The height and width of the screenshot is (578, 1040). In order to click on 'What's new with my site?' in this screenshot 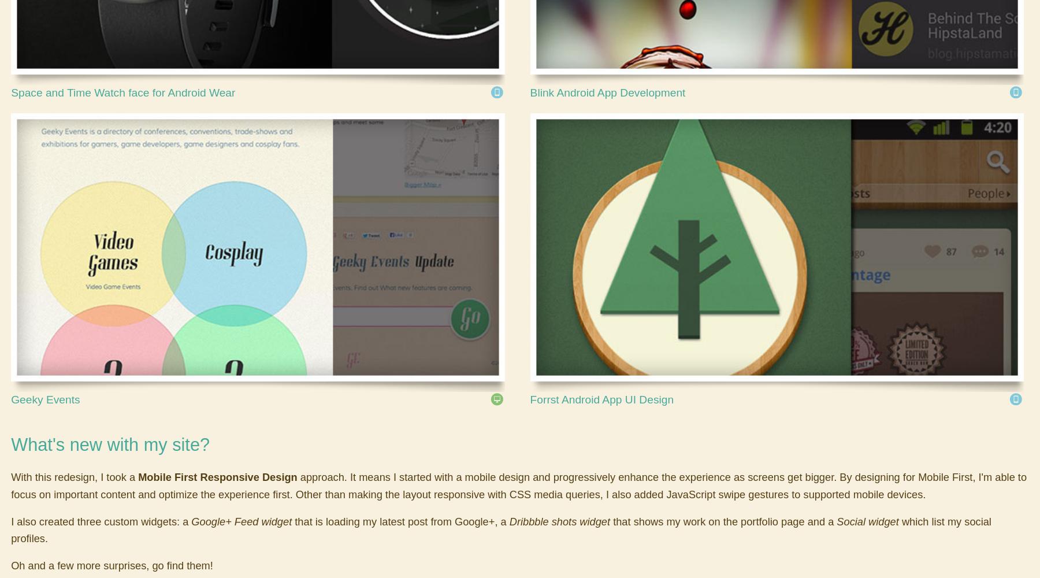, I will do `click(10, 444)`.